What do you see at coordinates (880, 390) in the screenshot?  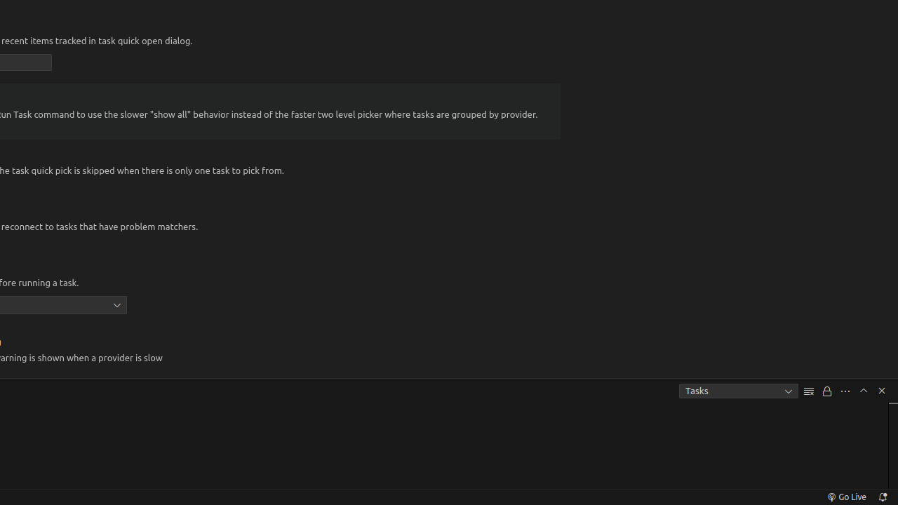 I see `'Hide Panel'` at bounding box center [880, 390].